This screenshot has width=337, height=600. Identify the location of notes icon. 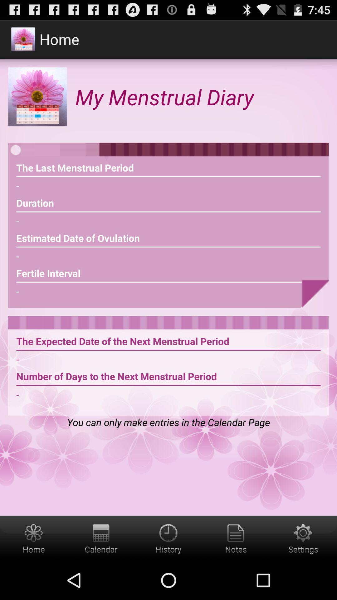
(236, 538).